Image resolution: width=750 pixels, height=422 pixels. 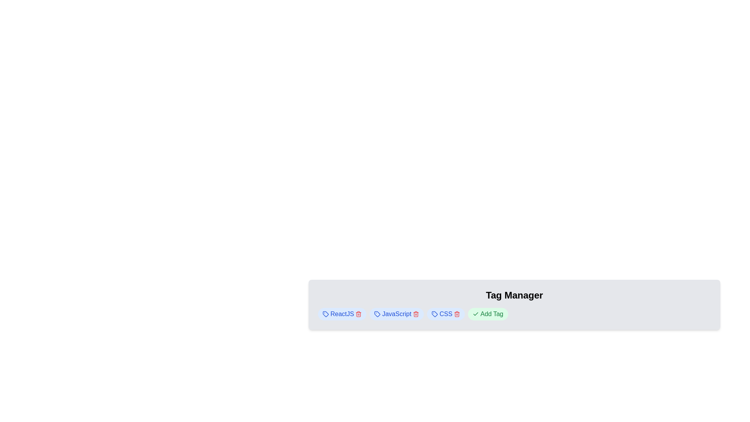 What do you see at coordinates (475, 313) in the screenshot?
I see `checkmark icon located on the left part of the 'Add Tag' button with a light green background, centered vertically next to the text 'Add Tag'` at bounding box center [475, 313].